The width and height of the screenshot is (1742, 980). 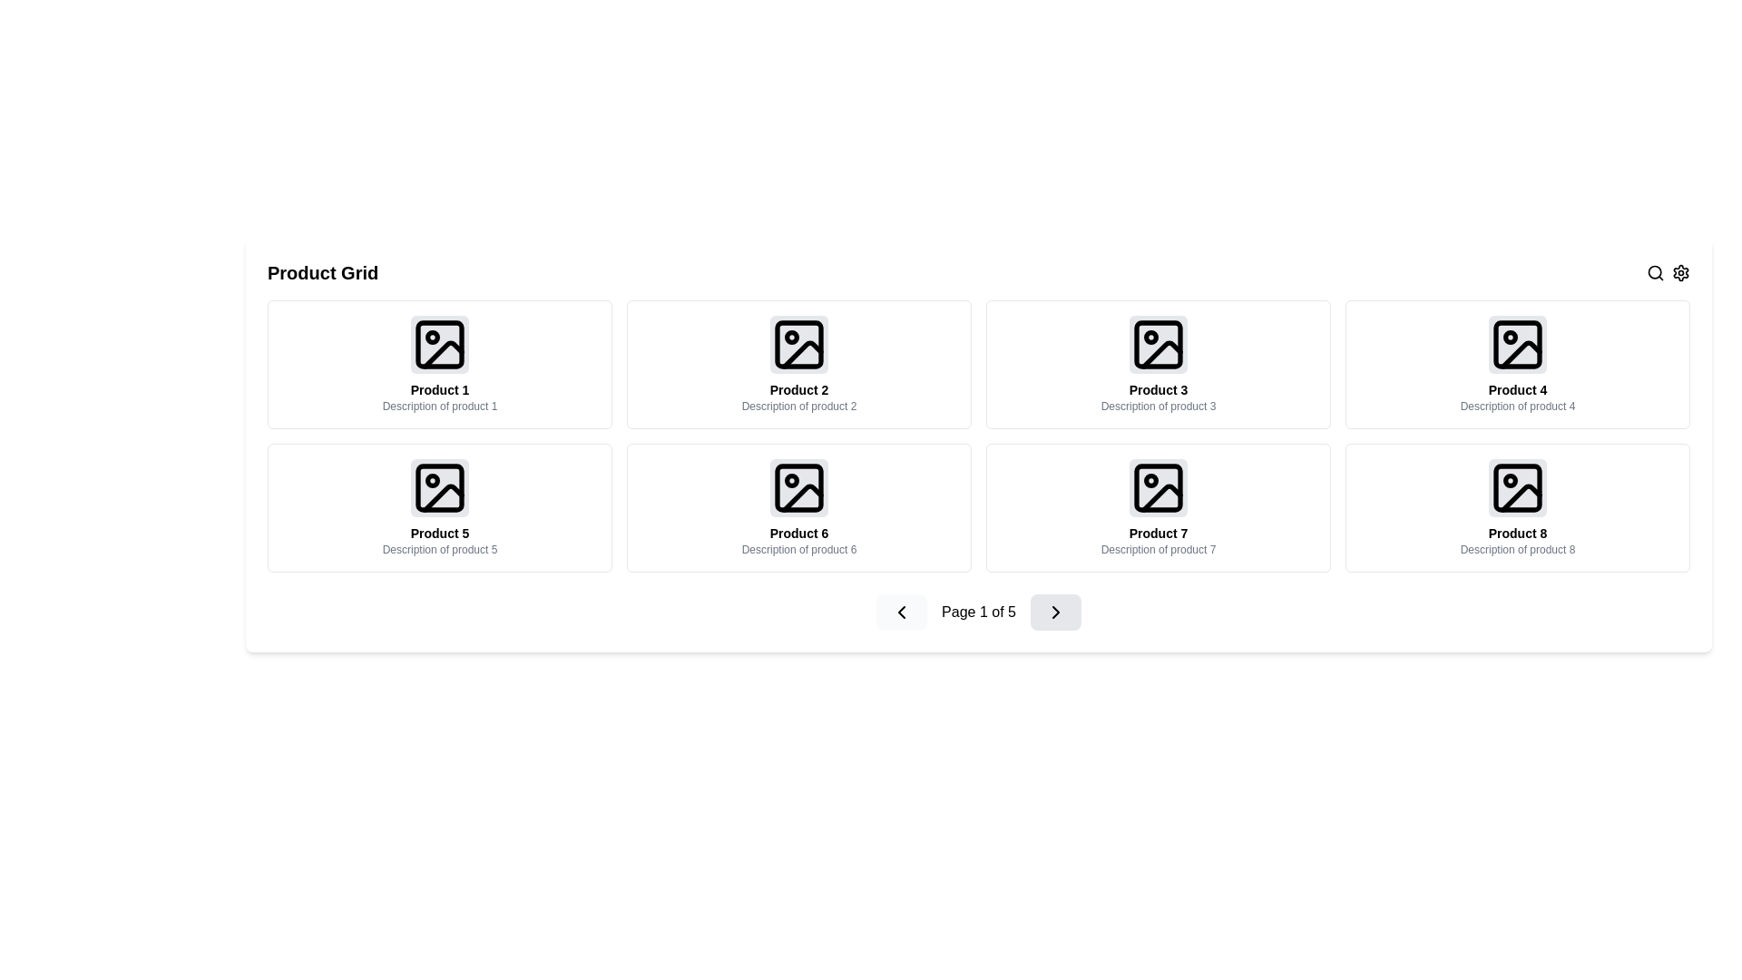 I want to click on the small circular SVG element representing 'Product 8' in the bottom right icon of the grid, so click(x=1511, y=479).